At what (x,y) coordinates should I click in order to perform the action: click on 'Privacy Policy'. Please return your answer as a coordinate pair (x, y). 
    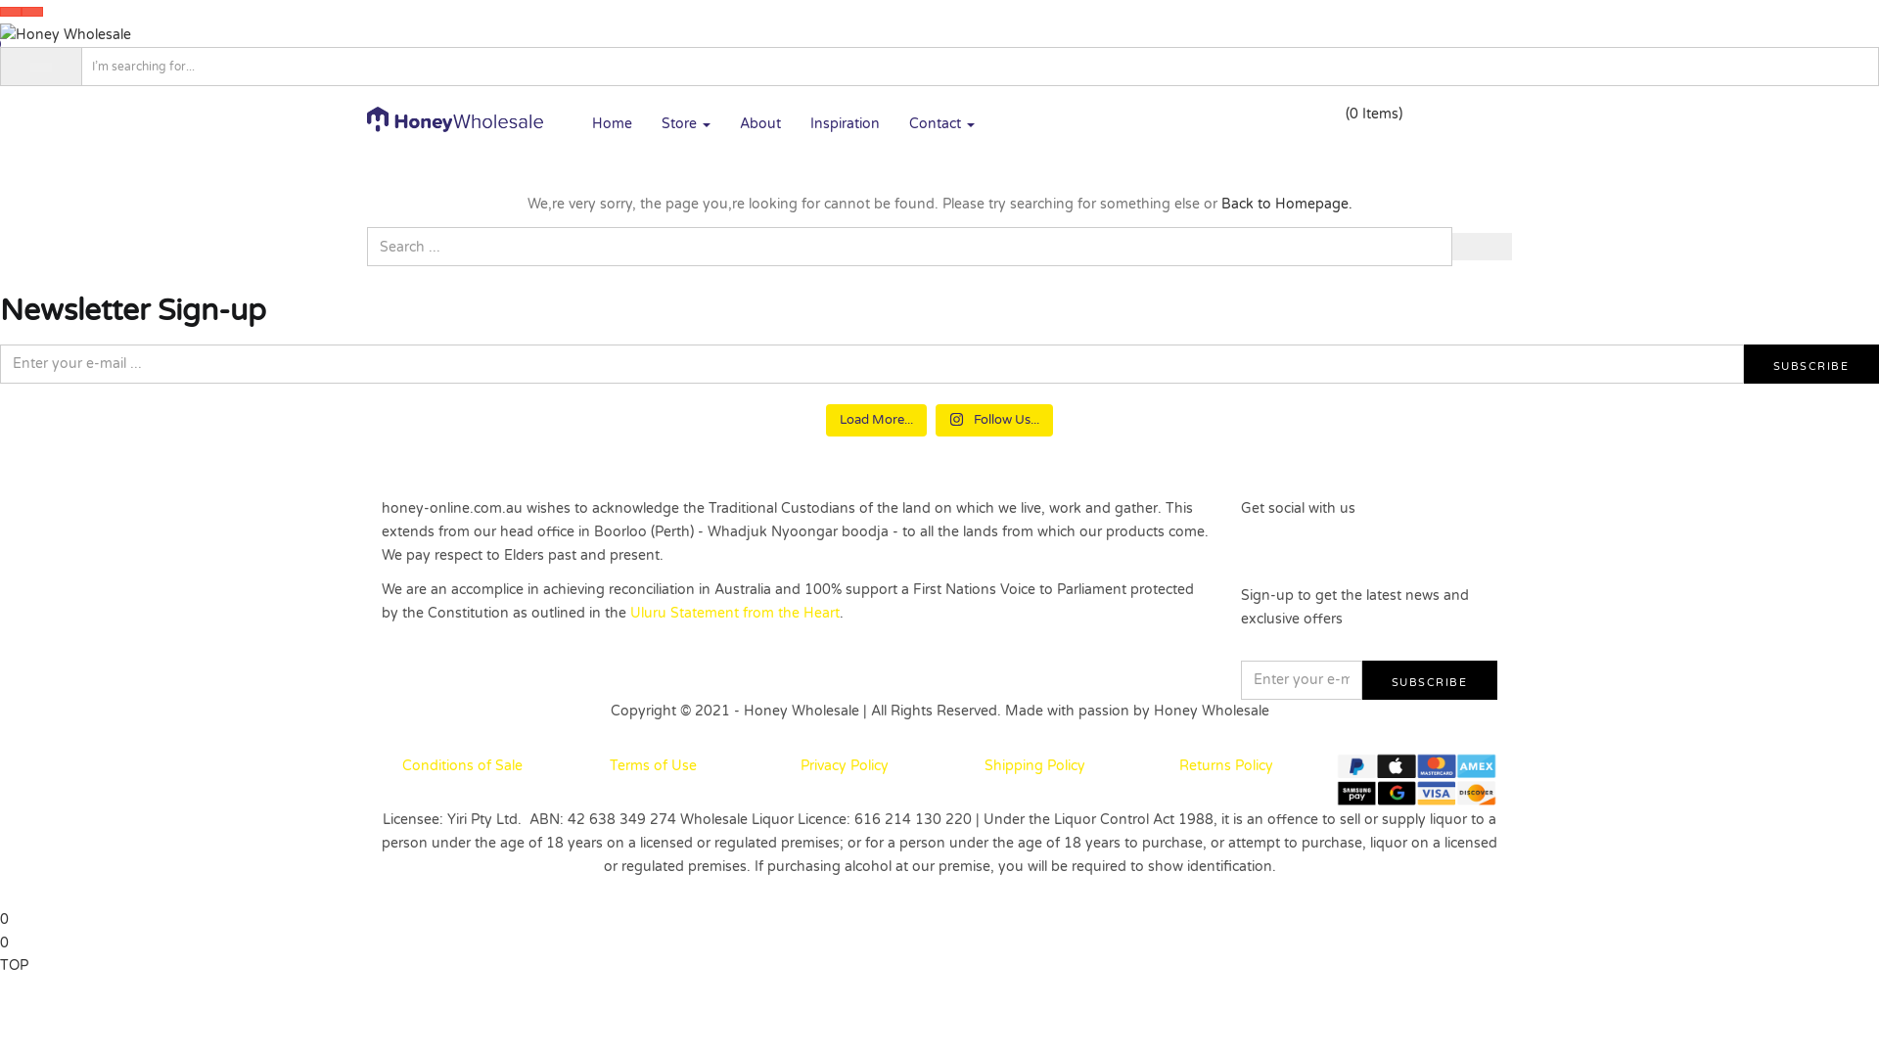
    Looking at the image, I should click on (845, 764).